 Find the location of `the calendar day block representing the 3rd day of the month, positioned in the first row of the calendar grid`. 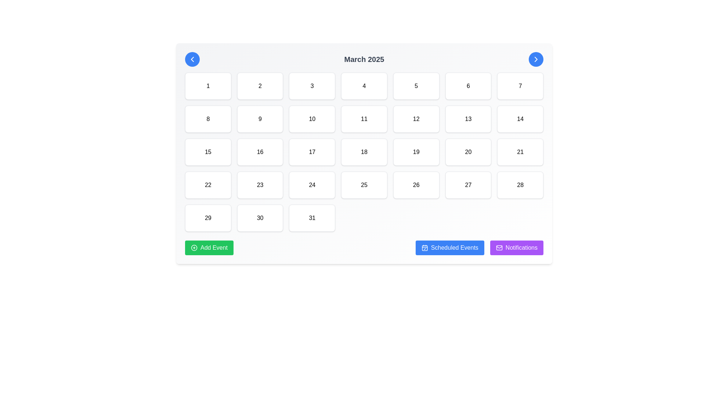

the calendar day block representing the 3rd day of the month, positioned in the first row of the calendar grid is located at coordinates (312, 86).